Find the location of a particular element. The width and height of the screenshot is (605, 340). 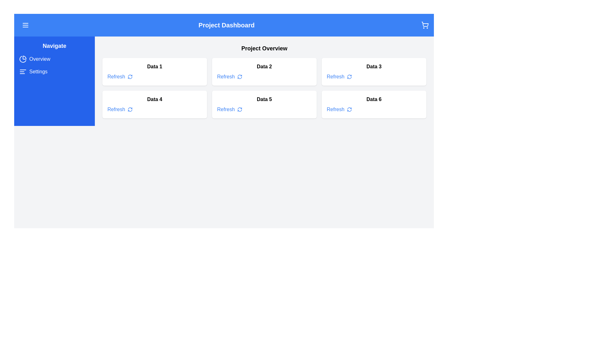

the text label in the lower-middle card of the dashboard, which indicates the content or purpose of that specific card is located at coordinates (264, 99).